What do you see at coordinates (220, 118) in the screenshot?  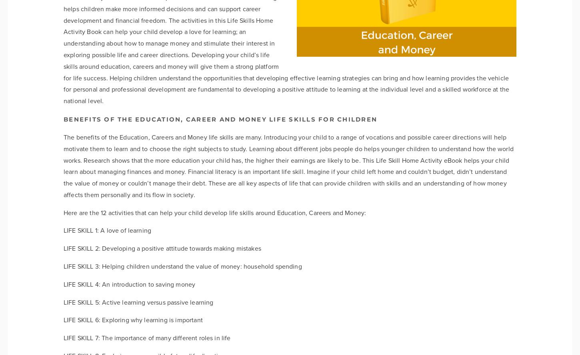 I see `'Benefits of the Education, Career and Money life skills for children'` at bounding box center [220, 118].